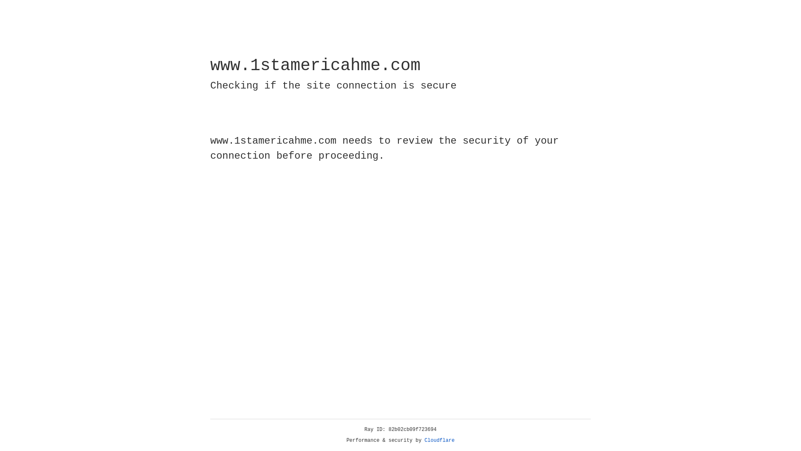  I want to click on 'Cloudflare', so click(439, 440).